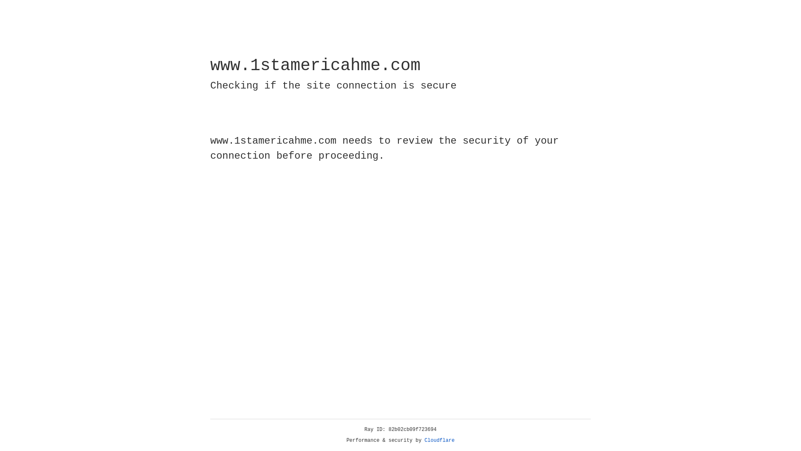  I want to click on 'Cloudflare', so click(439, 440).